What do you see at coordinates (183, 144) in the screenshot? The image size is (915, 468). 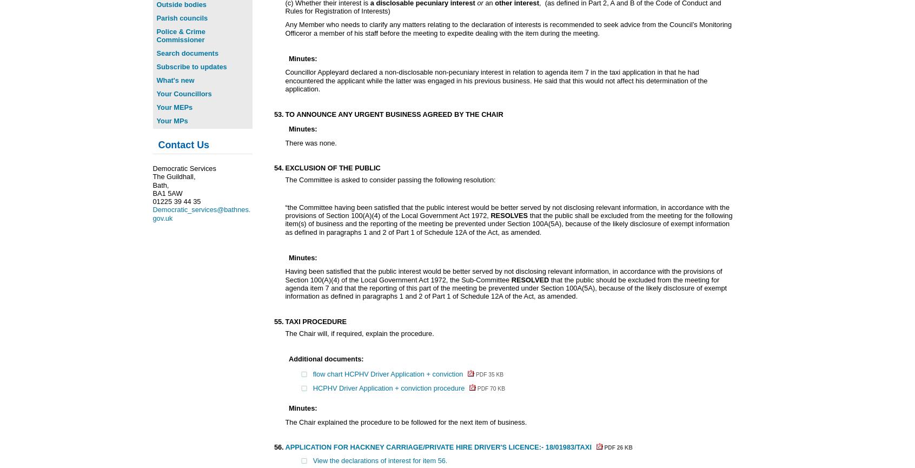 I see `'Contact Us'` at bounding box center [183, 144].